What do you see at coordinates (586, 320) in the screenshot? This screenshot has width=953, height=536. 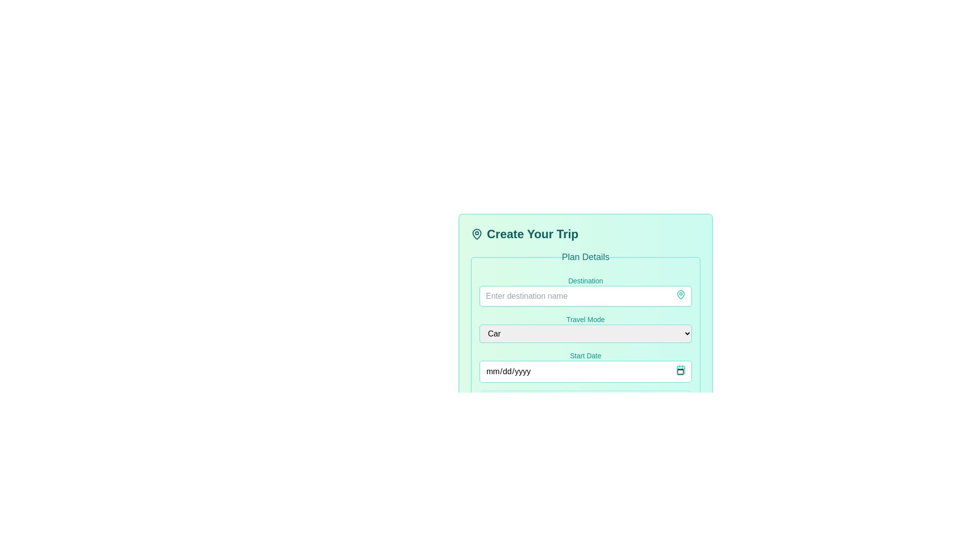 I see `label that indicates the purpose of the dropdown for selecting a travel mode, located in the 'Plan Details' section of the 'Create Your Trip' form, right above the 'Car' dropdown` at bounding box center [586, 320].